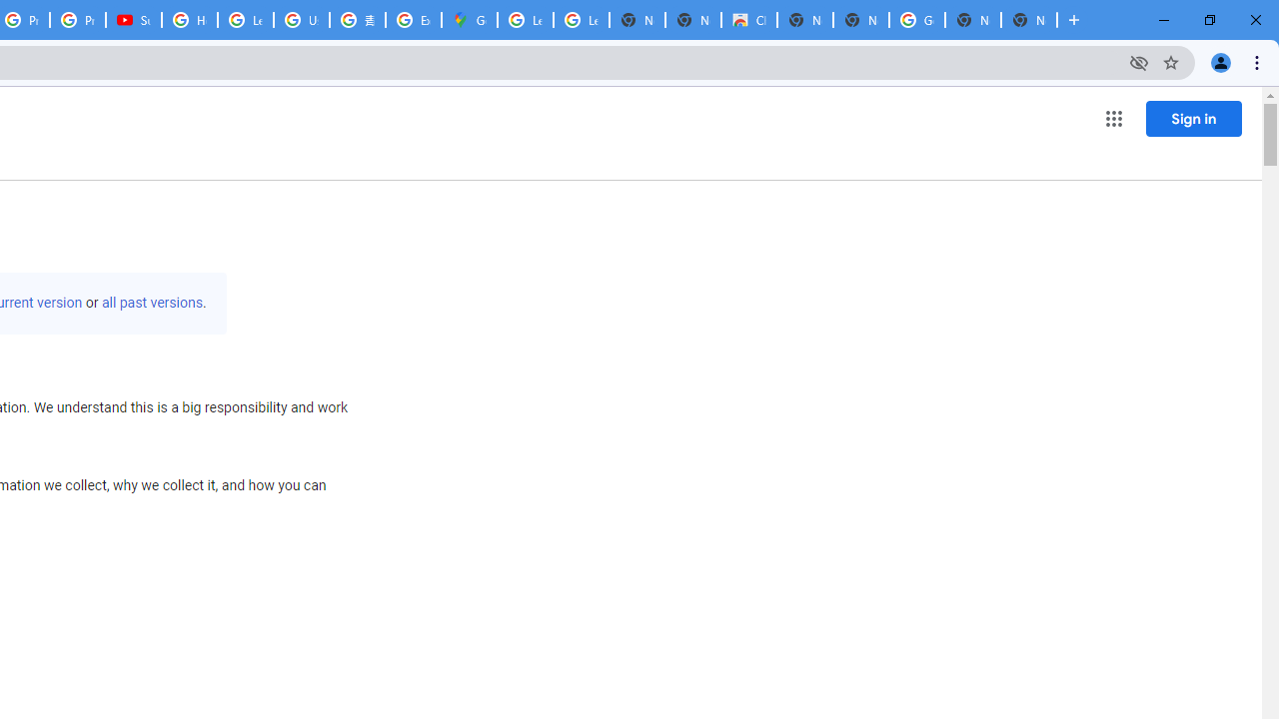 The width and height of the screenshot is (1279, 719). What do you see at coordinates (468, 20) in the screenshot?
I see `'Google Maps'` at bounding box center [468, 20].